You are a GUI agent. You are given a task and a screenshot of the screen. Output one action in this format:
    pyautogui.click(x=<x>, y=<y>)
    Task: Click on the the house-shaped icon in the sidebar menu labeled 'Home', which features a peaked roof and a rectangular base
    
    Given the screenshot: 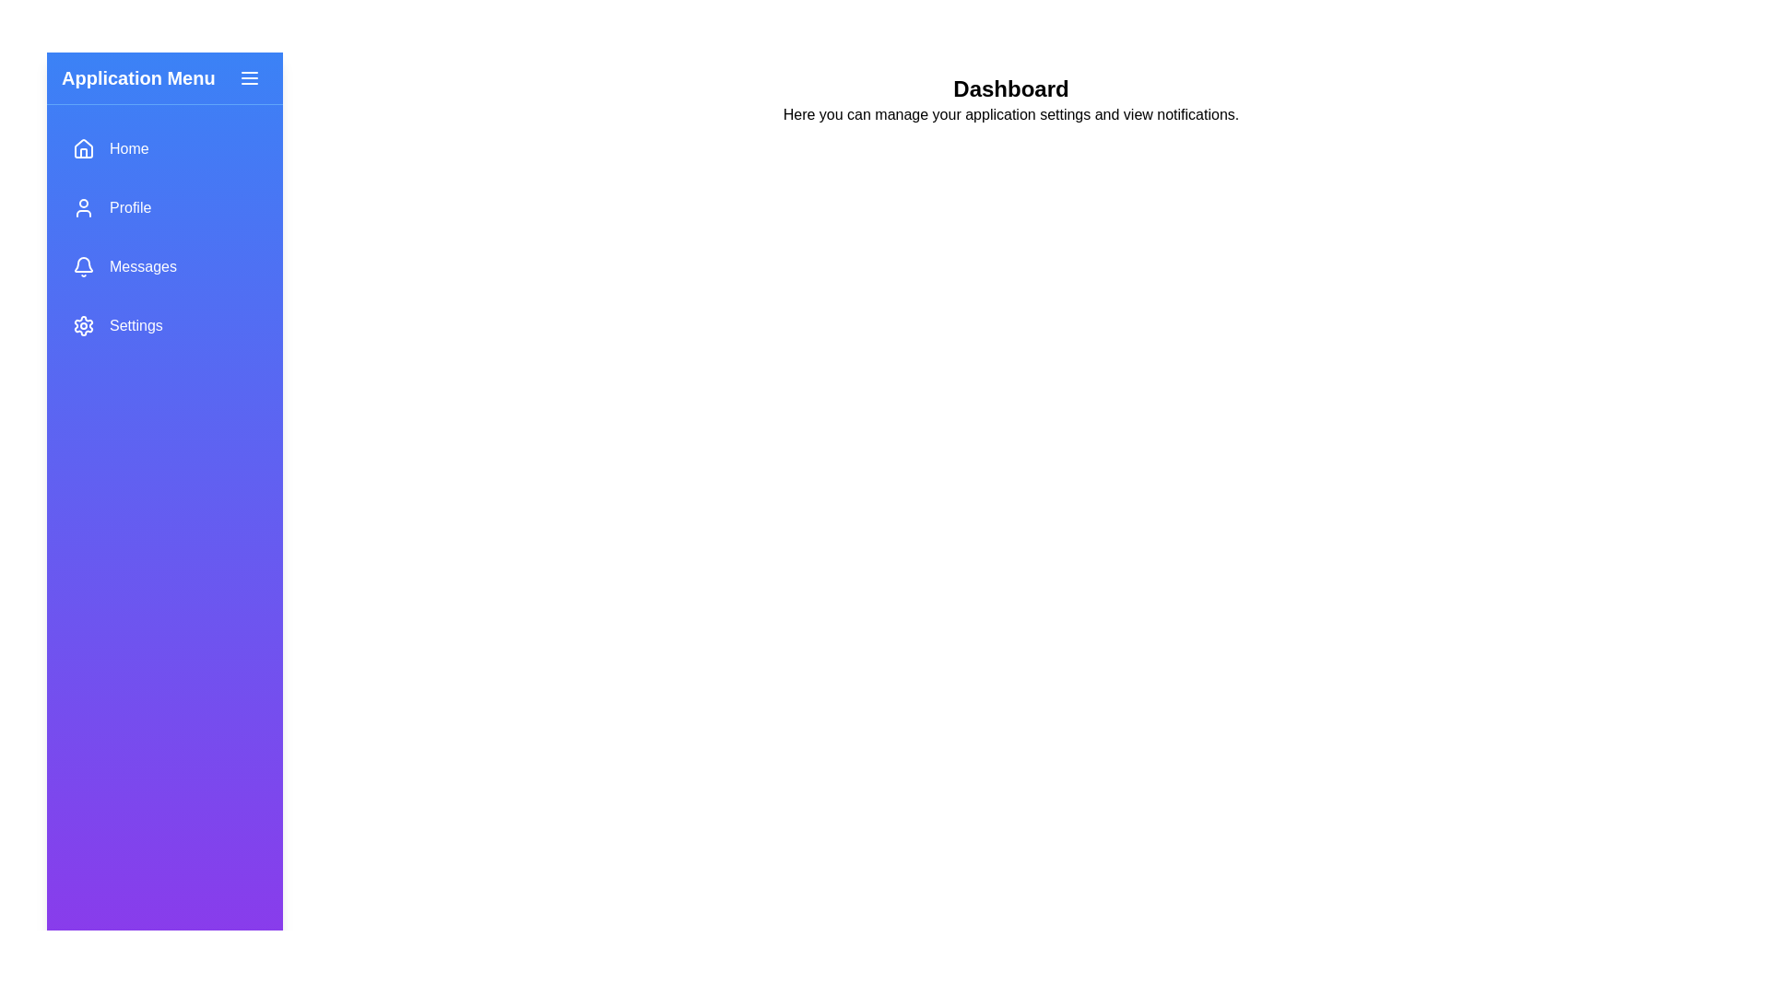 What is the action you would take?
    pyautogui.click(x=83, y=147)
    